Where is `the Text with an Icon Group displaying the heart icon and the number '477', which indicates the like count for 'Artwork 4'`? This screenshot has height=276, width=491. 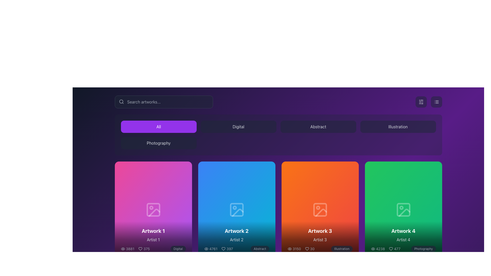 the Text with an Icon Group displaying the heart icon and the number '477', which indicates the like count for 'Artwork 4' is located at coordinates (394, 248).